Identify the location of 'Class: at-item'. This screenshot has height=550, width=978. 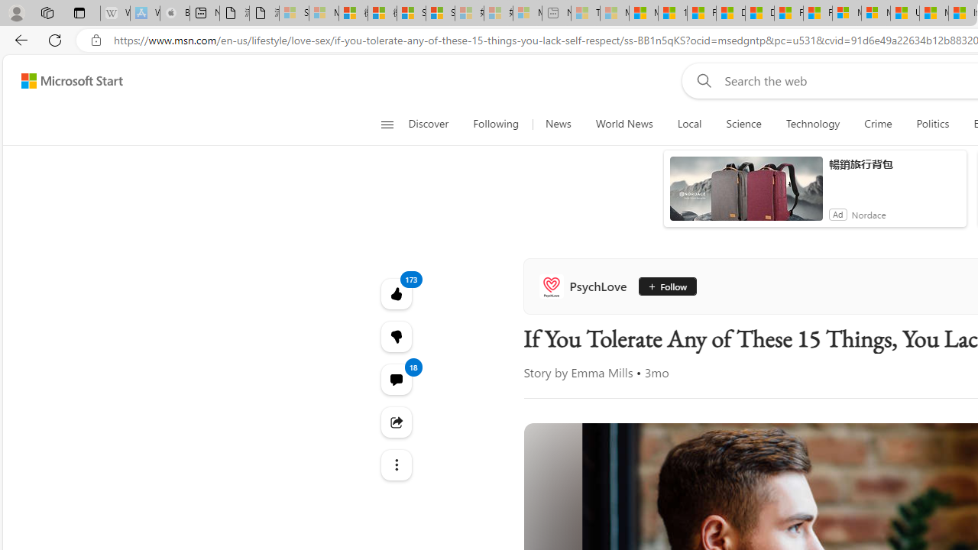
(396, 464).